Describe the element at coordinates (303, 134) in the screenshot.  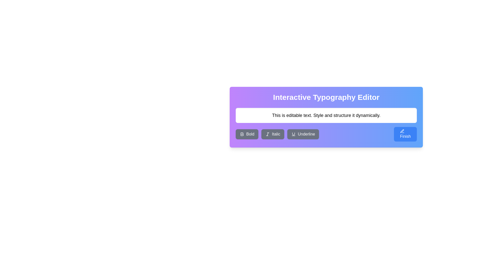
I see `the 'Underline' button, which is the third button in a horizontal group of three buttons labeled 'Bold,' 'Italic,' and 'Underline,' to apply underline formatting to the editable content` at that location.